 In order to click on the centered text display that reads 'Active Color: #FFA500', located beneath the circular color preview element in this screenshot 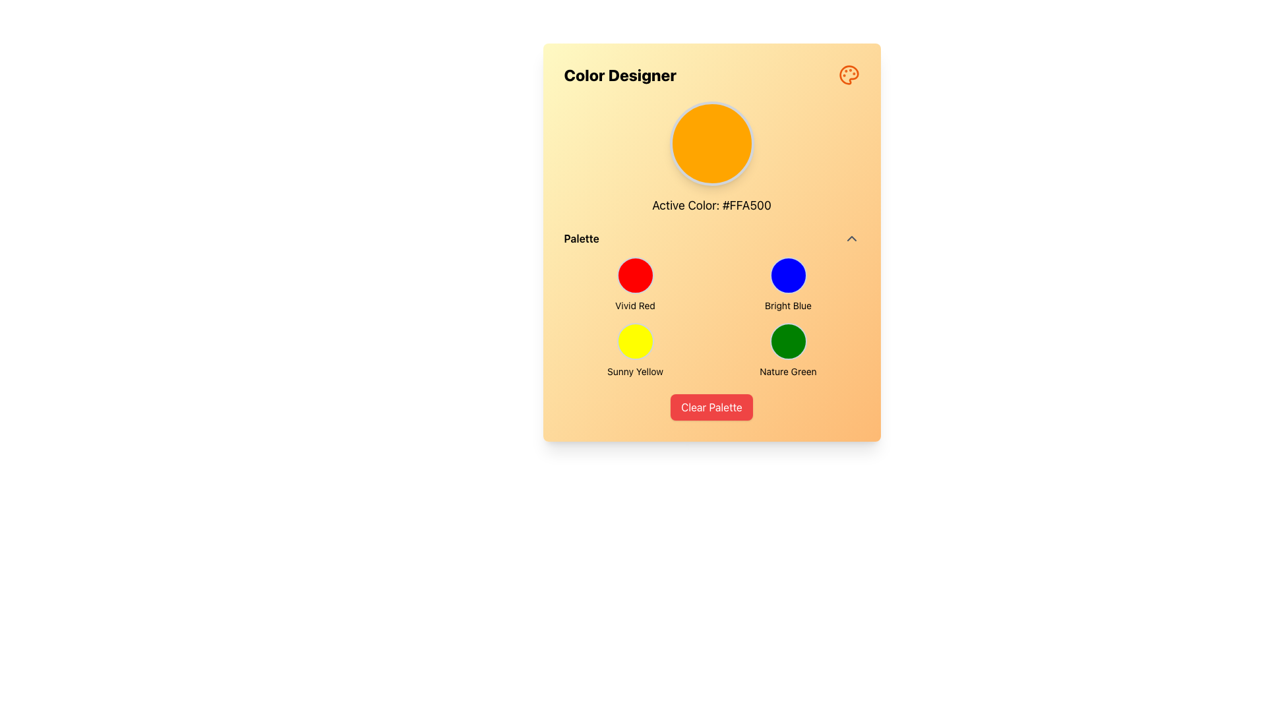, I will do `click(711, 206)`.